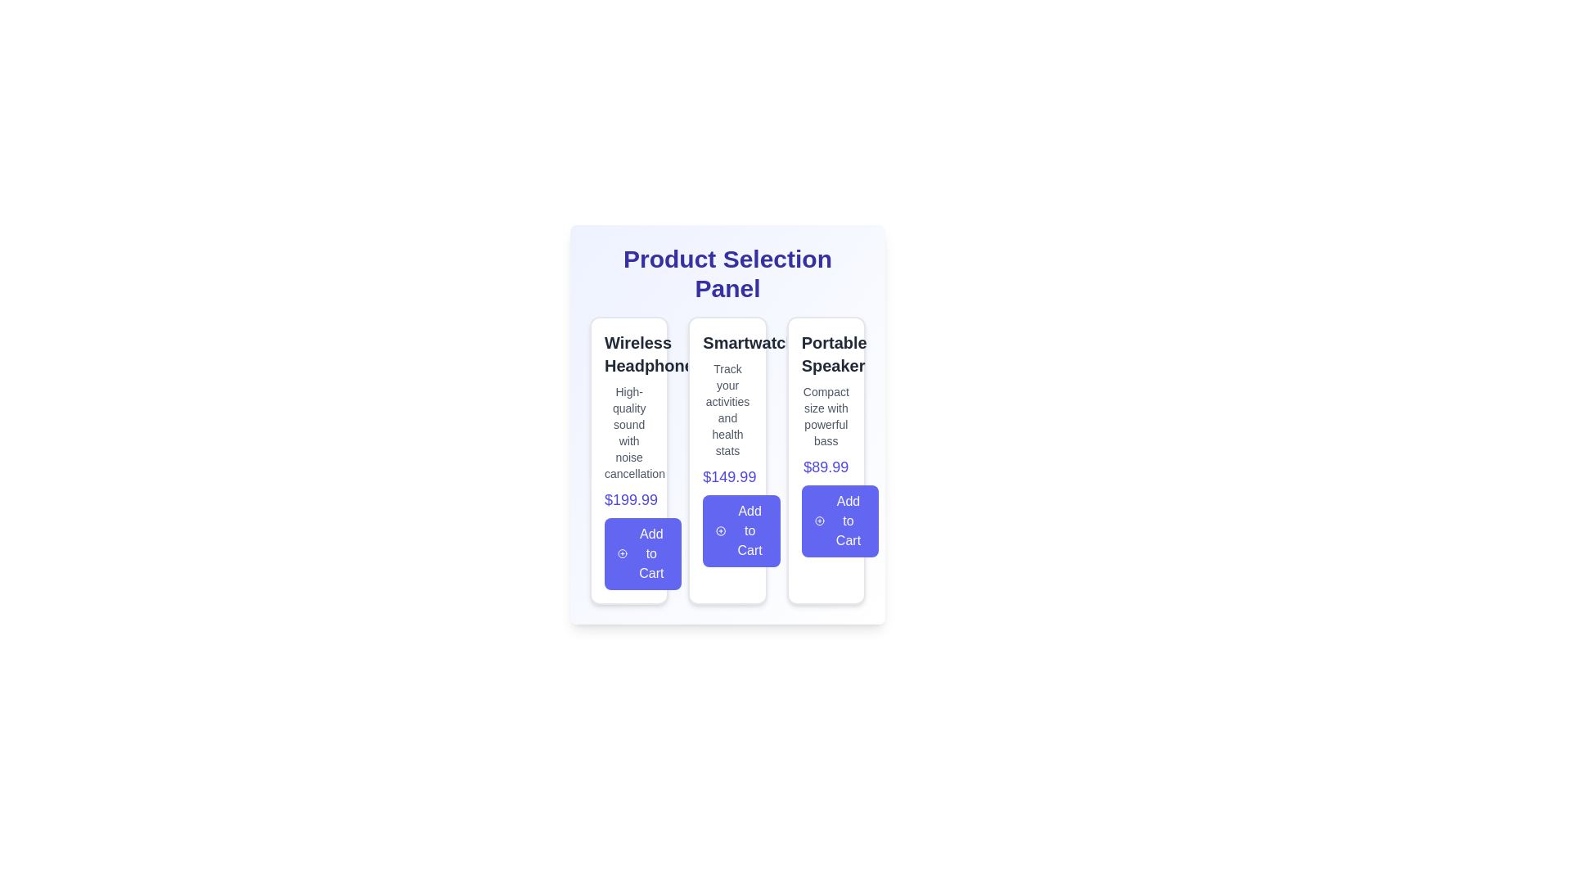  What do you see at coordinates (727, 409) in the screenshot?
I see `the descriptive text element that provides additional details about the 'Smartwatch' product, located directly below the title 'Smartwatch' and above the price information '$149.99'` at bounding box center [727, 409].